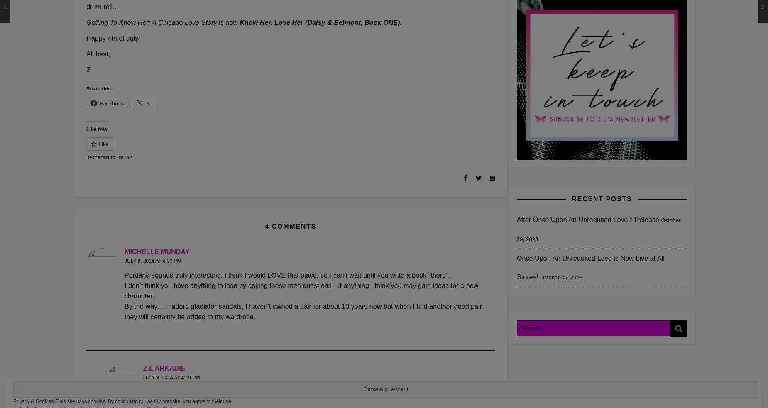 The height and width of the screenshot is (408, 768). Describe the element at coordinates (587, 219) in the screenshot. I see `'After Once Upon An Unrequited Love’s Release'` at that location.